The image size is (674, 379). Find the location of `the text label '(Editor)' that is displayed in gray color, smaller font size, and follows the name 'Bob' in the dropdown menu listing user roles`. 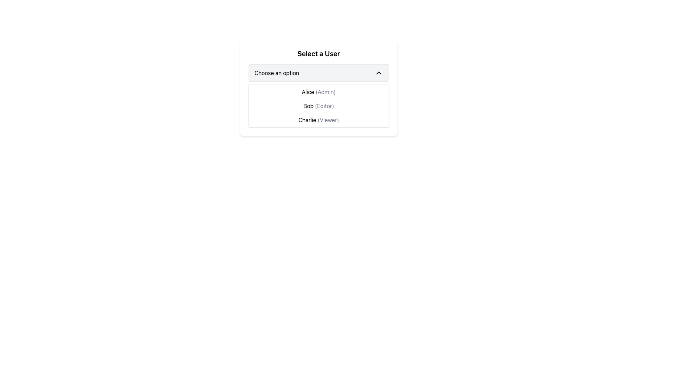

the text label '(Editor)' that is displayed in gray color, smaller font size, and follows the name 'Bob' in the dropdown menu listing user roles is located at coordinates (324, 106).